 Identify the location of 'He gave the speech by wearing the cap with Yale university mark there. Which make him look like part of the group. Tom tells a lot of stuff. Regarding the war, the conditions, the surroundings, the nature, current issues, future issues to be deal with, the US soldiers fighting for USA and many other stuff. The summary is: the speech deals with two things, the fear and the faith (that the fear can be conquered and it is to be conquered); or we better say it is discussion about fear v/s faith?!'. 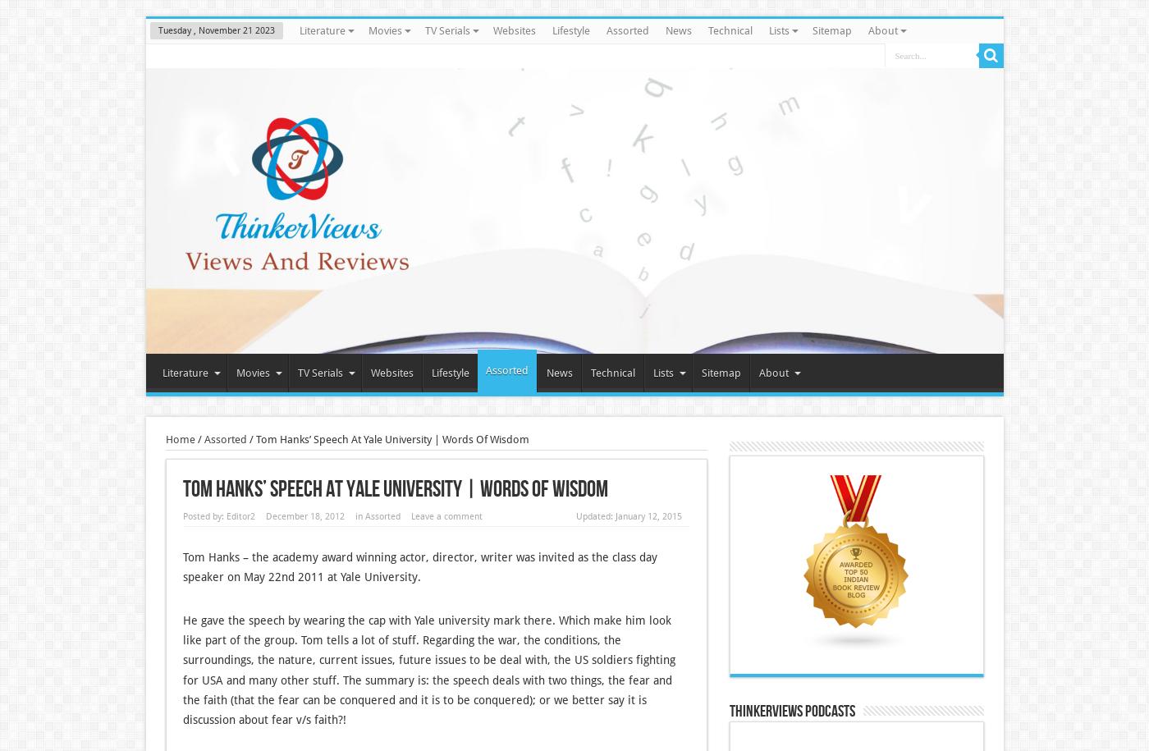
(428, 669).